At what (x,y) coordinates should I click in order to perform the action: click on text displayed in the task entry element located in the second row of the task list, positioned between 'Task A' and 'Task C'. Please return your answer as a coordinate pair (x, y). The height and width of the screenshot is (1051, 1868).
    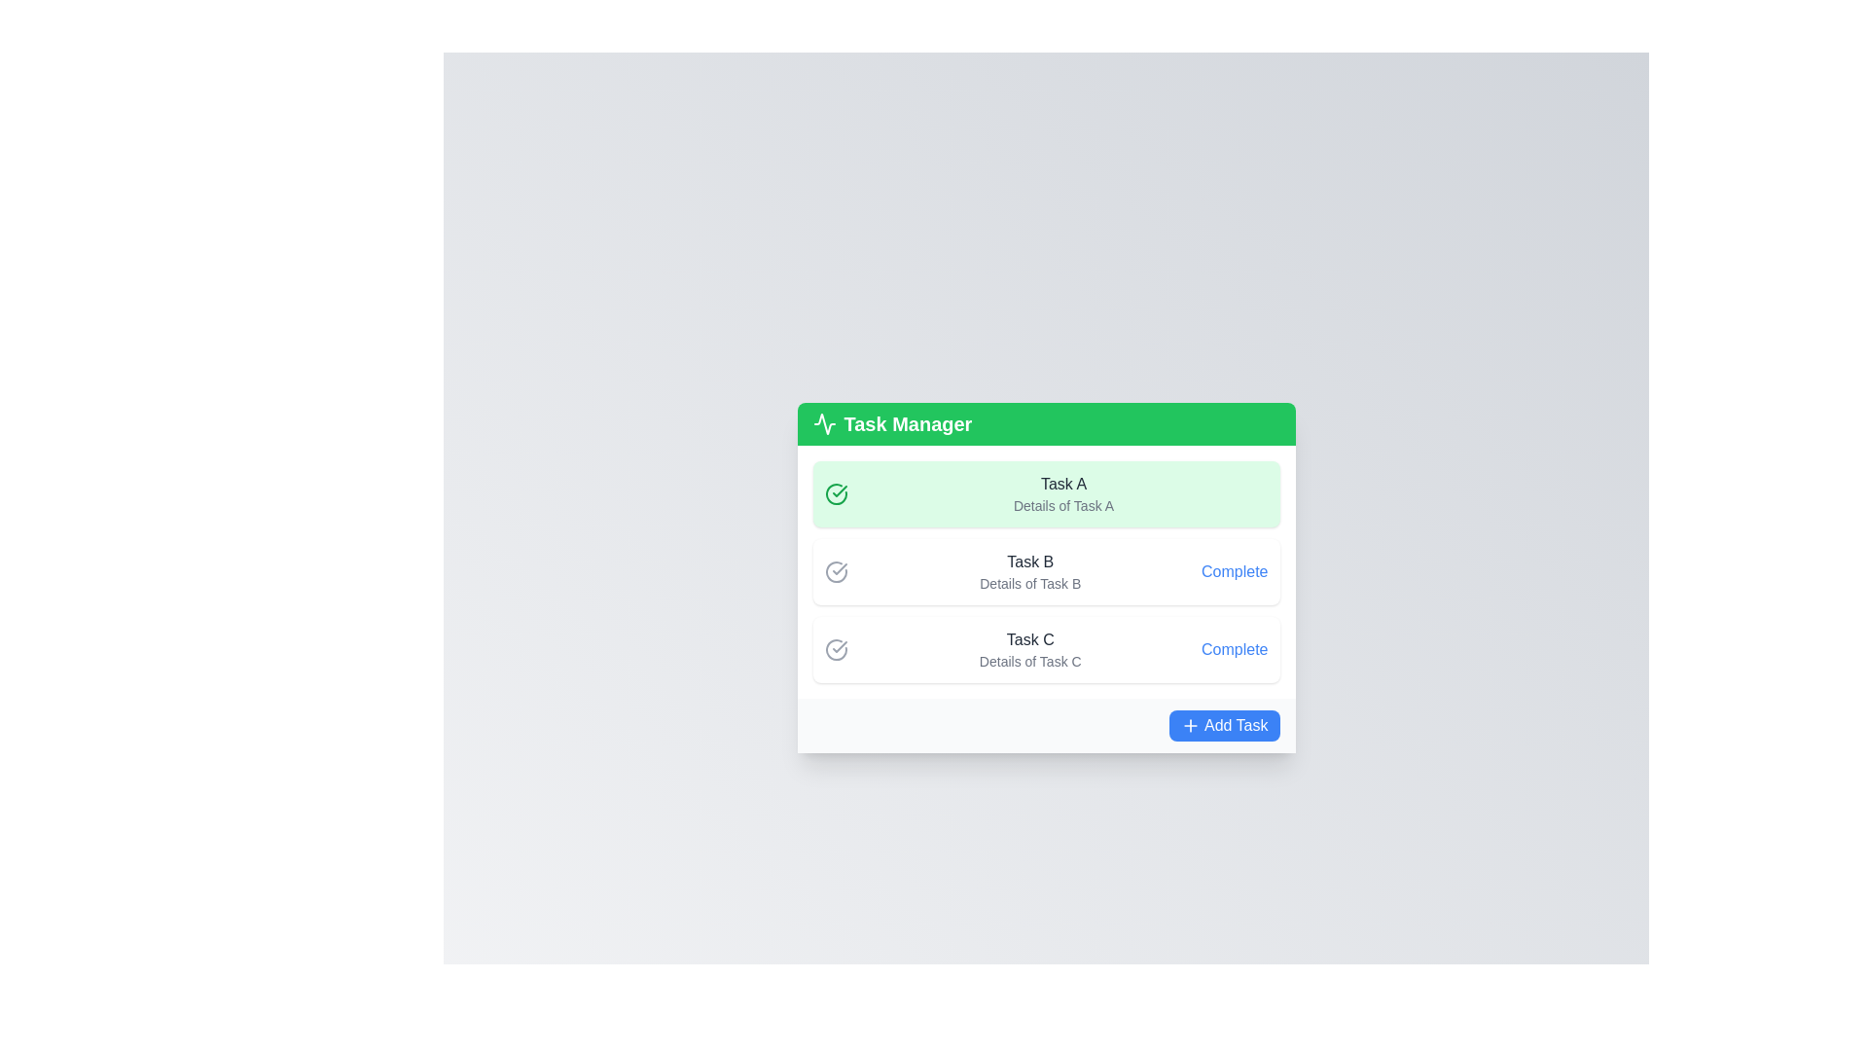
    Looking at the image, I should click on (1029, 570).